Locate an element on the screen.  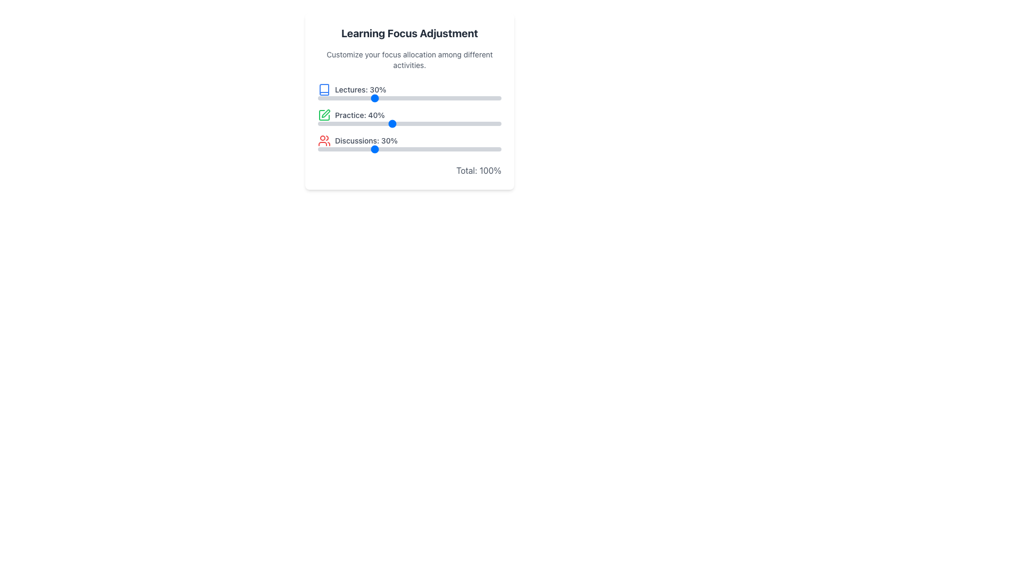
the 'Practice' slider is located at coordinates (369, 123).